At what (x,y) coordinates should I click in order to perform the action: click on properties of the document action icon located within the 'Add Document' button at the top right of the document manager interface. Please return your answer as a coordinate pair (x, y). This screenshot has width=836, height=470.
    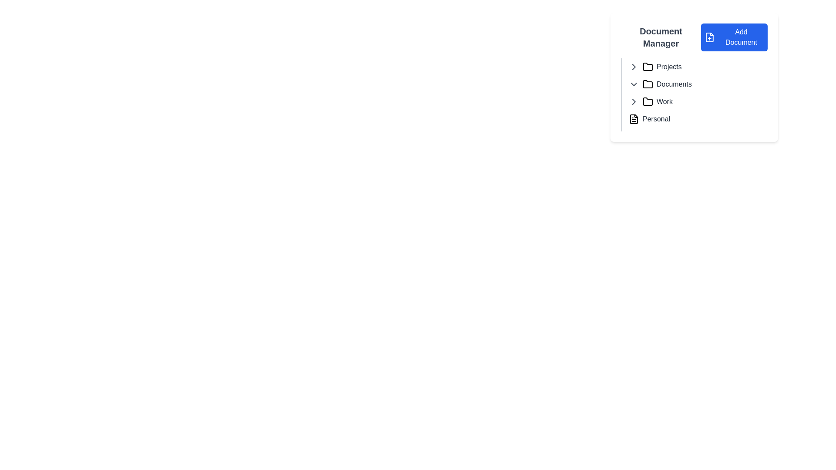
    Looking at the image, I should click on (710, 37).